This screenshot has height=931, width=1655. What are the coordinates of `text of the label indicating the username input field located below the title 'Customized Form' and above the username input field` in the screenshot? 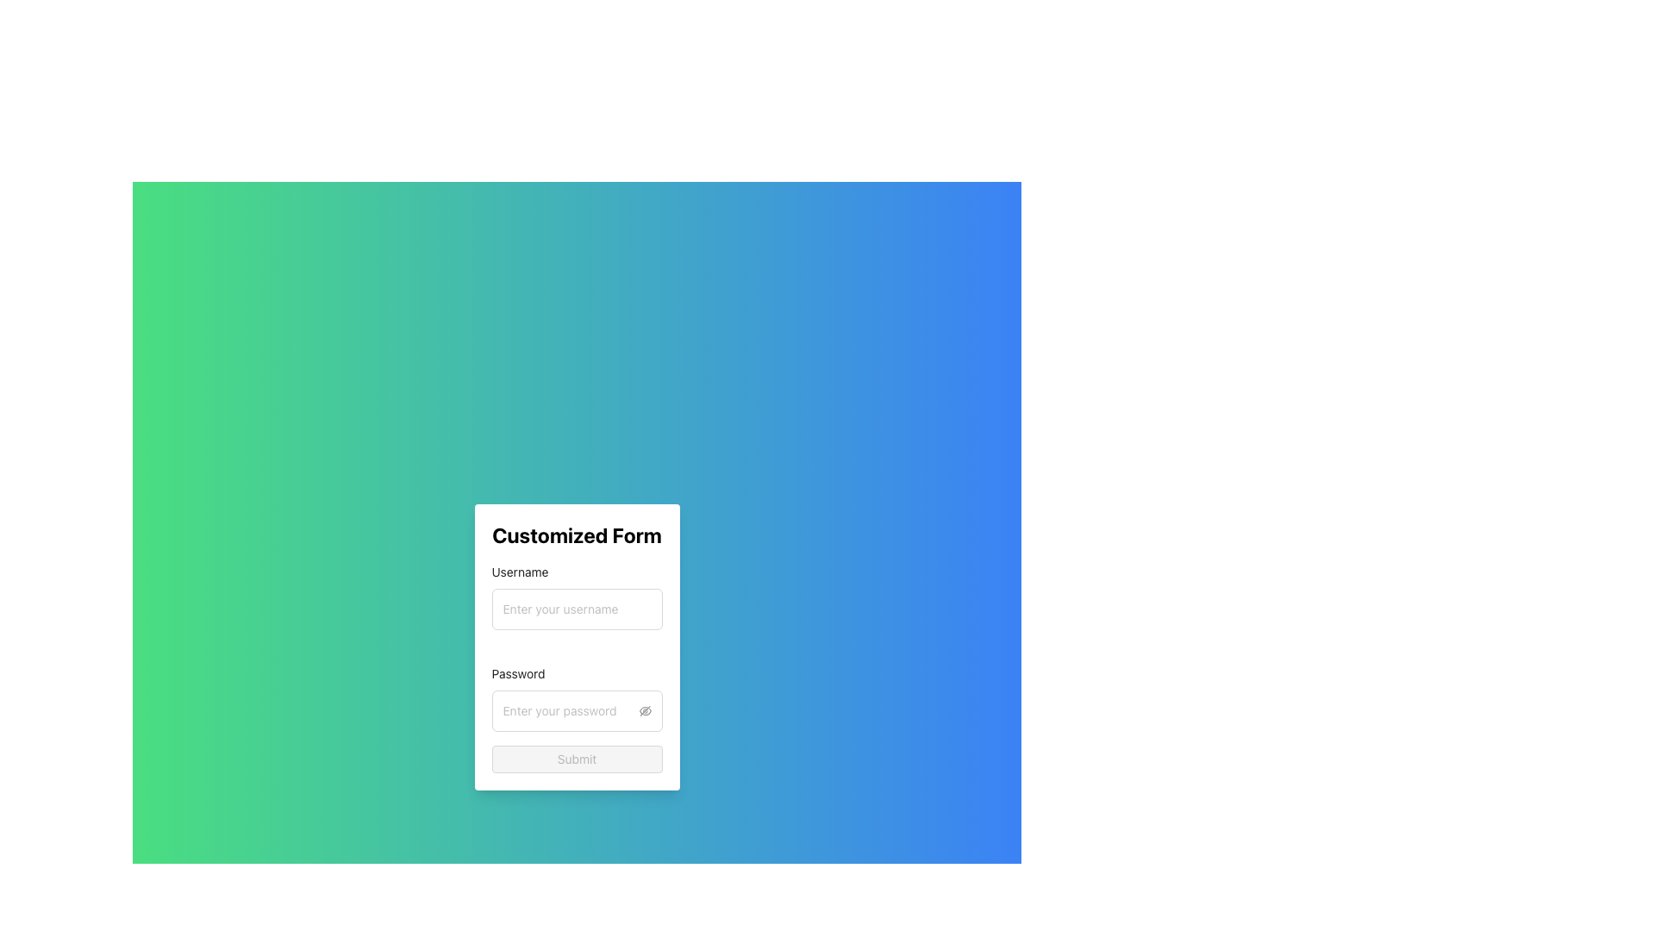 It's located at (525, 572).